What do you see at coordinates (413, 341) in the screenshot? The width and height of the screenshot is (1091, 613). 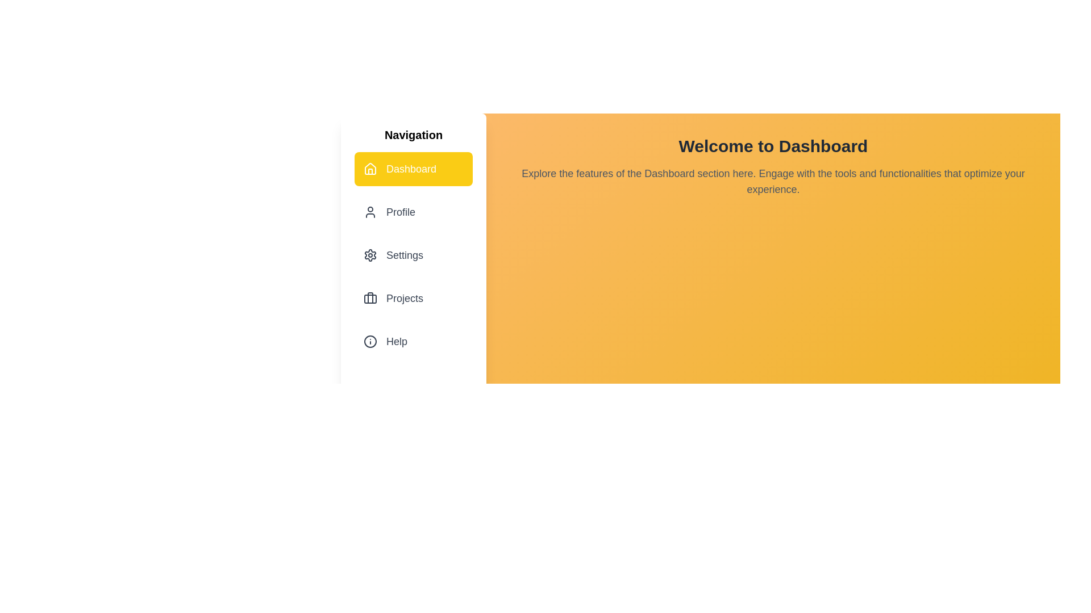 I see `the menu item corresponding to Help` at bounding box center [413, 341].